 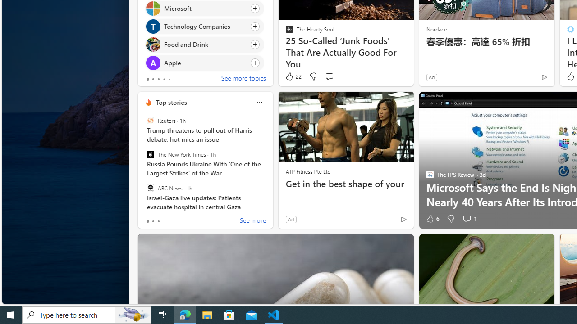 I want to click on 'Click to follow topic Microsoft', so click(x=204, y=8).